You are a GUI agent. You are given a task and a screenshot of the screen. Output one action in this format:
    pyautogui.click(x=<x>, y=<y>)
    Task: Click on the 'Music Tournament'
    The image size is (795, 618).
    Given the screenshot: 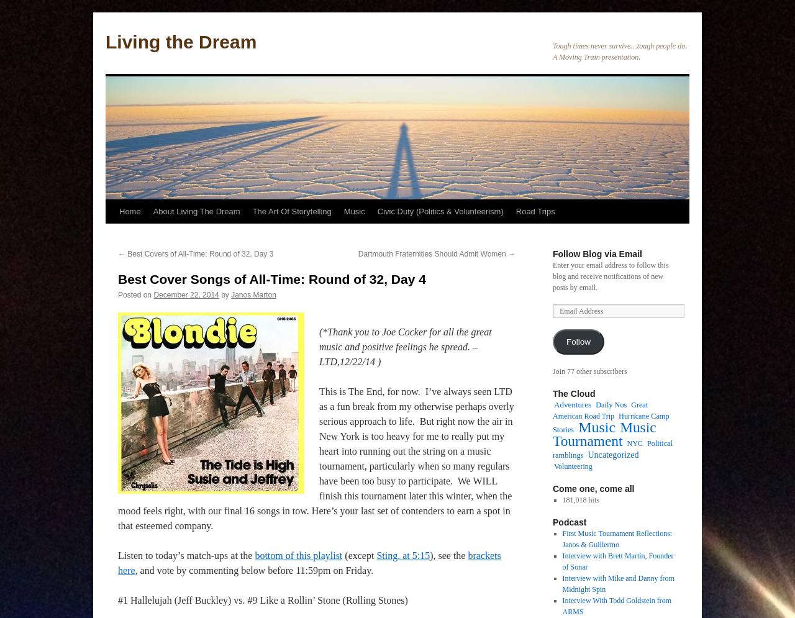 What is the action you would take?
    pyautogui.click(x=604, y=434)
    